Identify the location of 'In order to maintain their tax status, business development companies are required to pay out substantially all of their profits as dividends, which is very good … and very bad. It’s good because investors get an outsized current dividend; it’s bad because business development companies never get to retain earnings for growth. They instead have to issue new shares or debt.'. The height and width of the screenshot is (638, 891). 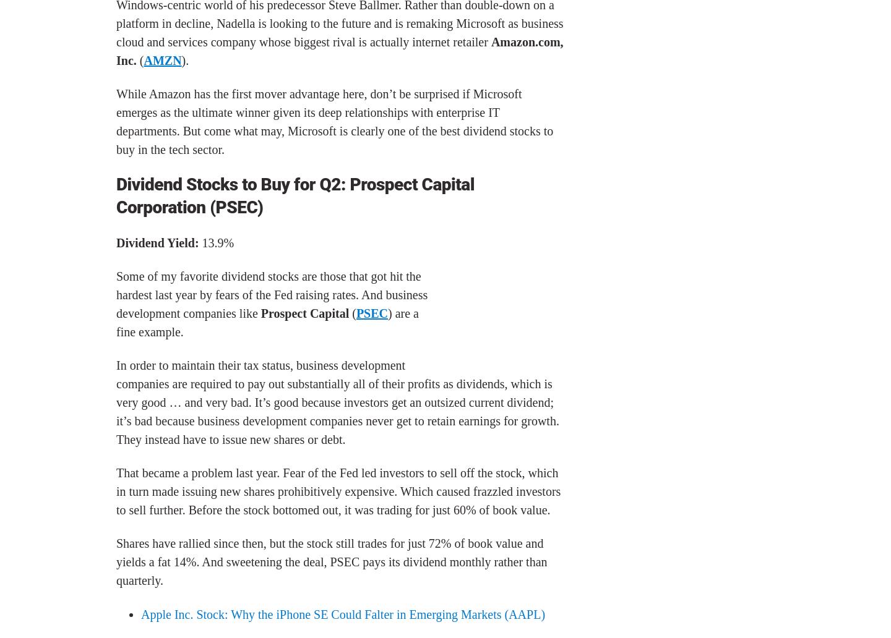
(116, 401).